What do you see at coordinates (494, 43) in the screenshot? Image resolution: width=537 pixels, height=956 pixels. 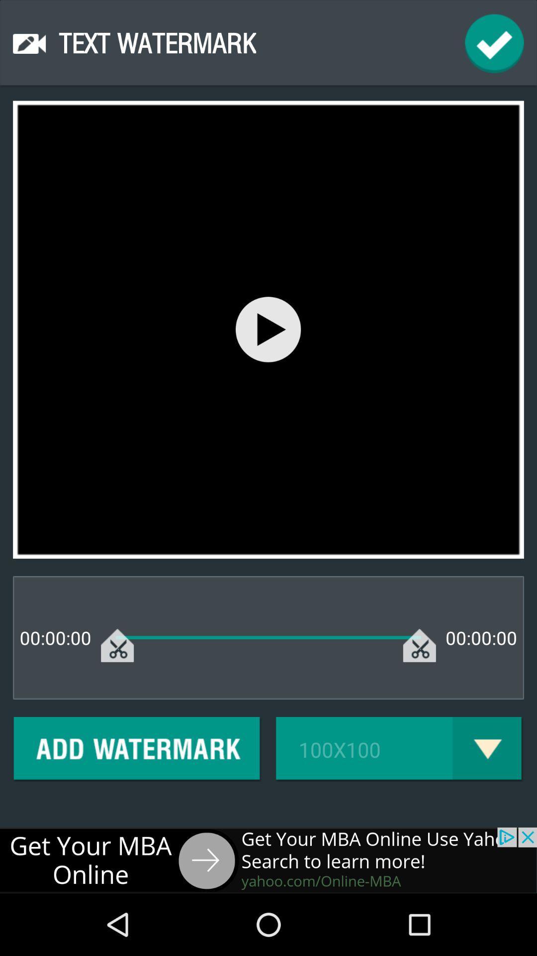 I see `progress` at bounding box center [494, 43].